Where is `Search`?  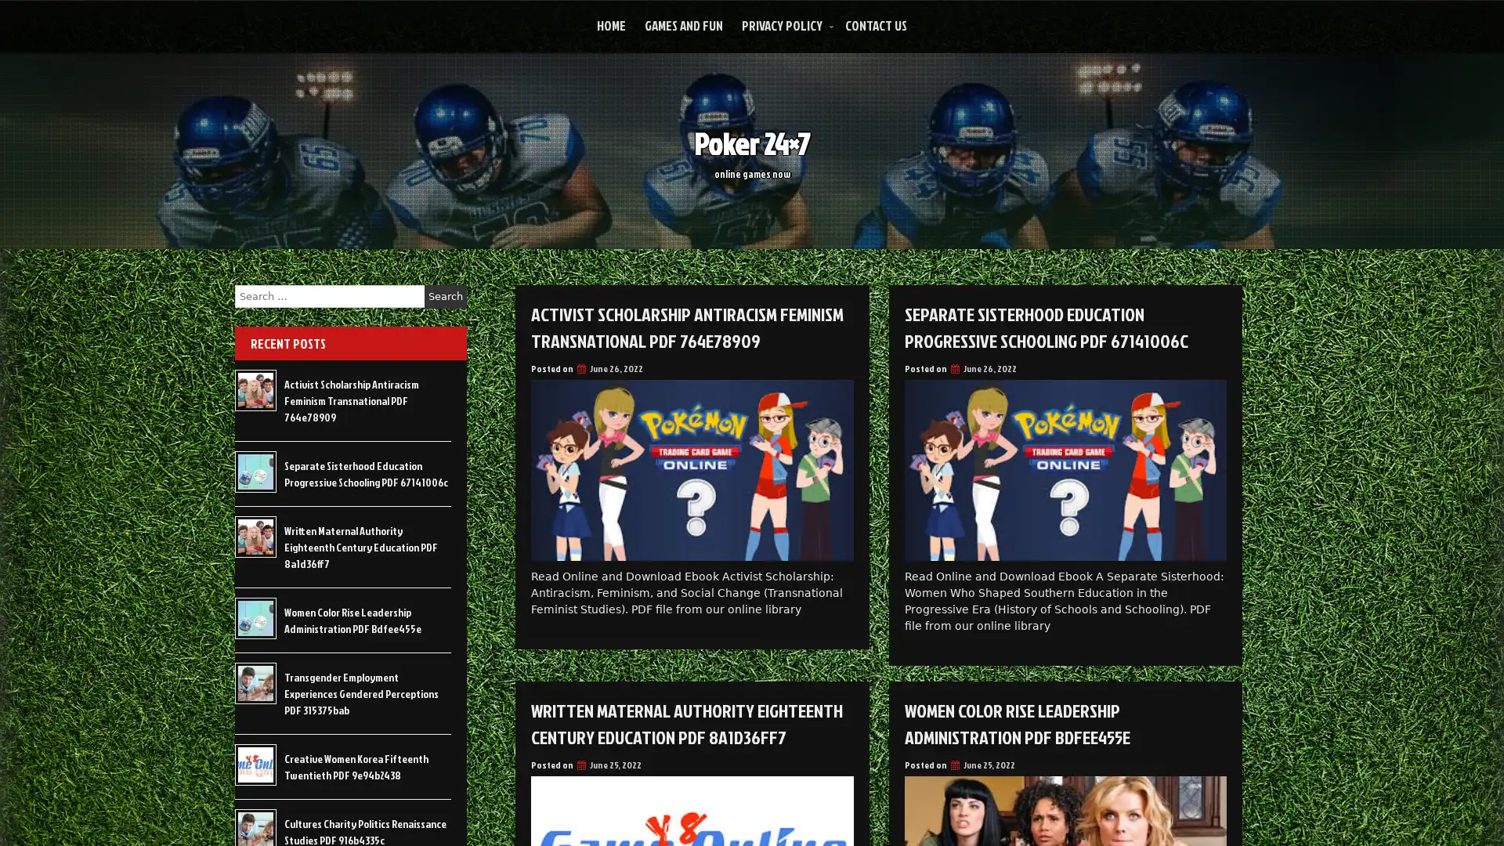
Search is located at coordinates (445, 296).